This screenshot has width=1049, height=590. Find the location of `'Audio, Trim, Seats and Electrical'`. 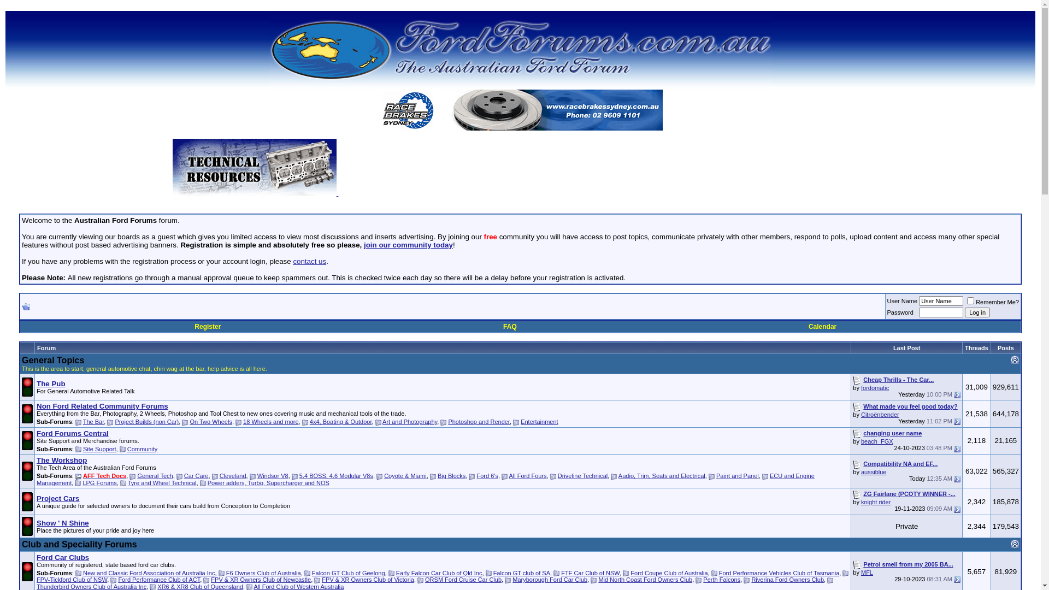

'Audio, Trim, Seats and Electrical' is located at coordinates (661, 475).